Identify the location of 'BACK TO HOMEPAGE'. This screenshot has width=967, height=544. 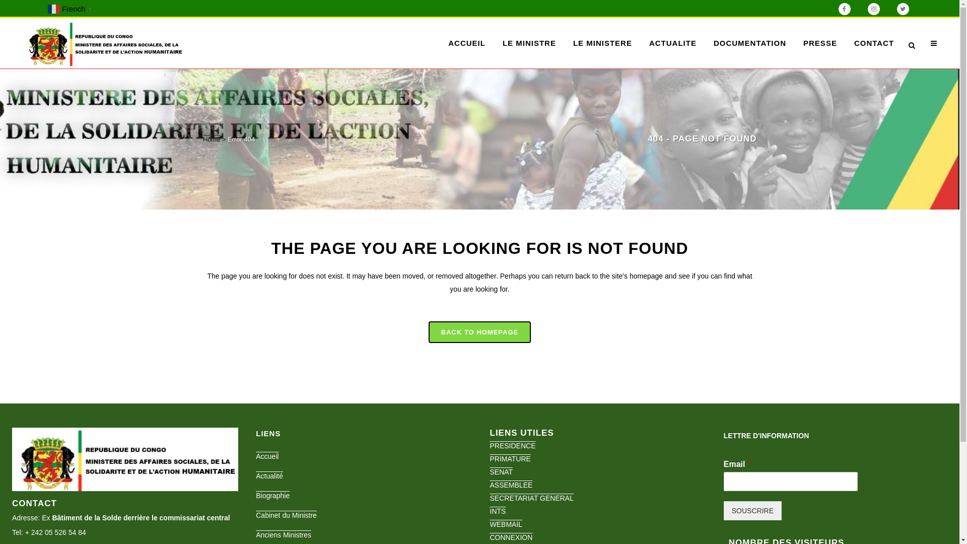
(428, 332).